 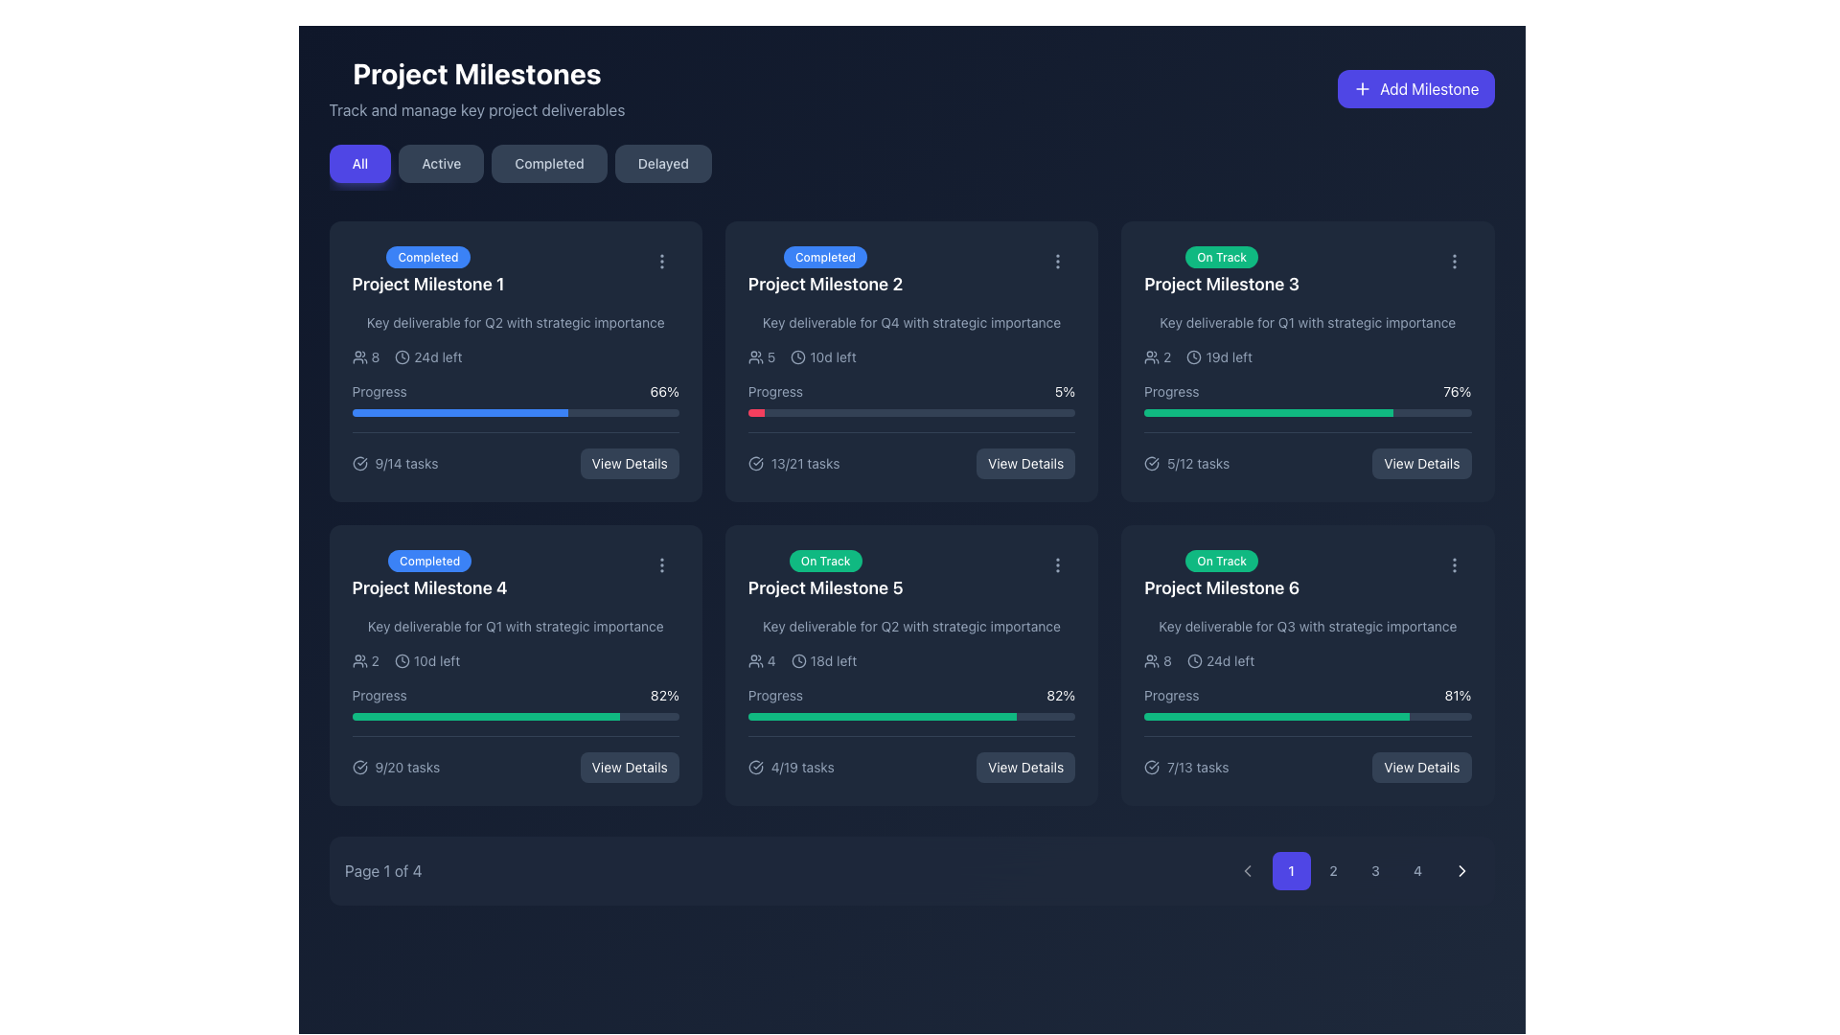 I want to click on status text from the capsule-shaped label that displays 'Completed' in white text on a blue background, located above the milestone title on the card labeled 'Project Milestone 4', so click(x=428, y=561).